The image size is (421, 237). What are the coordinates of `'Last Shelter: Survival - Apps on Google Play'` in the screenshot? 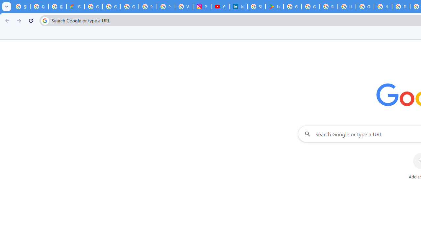 It's located at (274, 7).